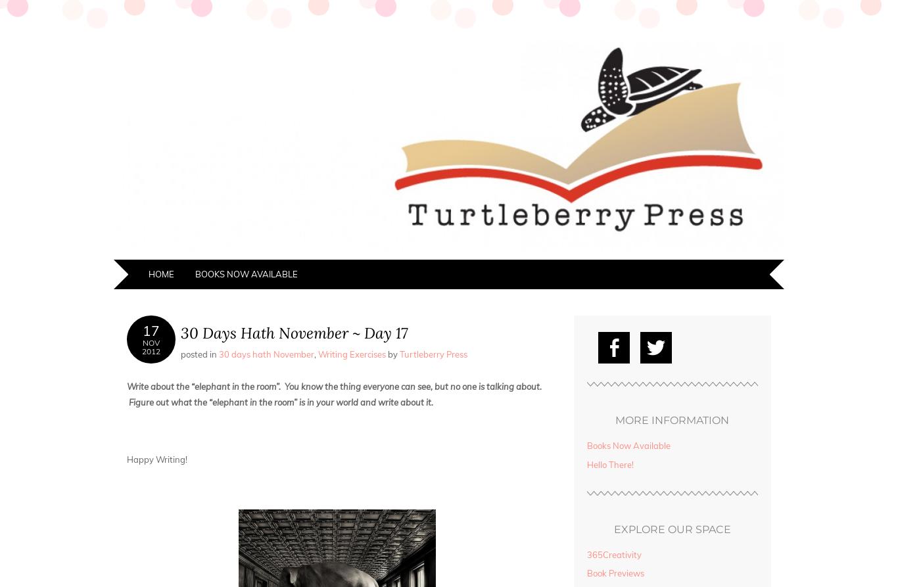 The width and height of the screenshot is (898, 587). What do you see at coordinates (318, 353) in the screenshot?
I see `'Writing Exercises'` at bounding box center [318, 353].